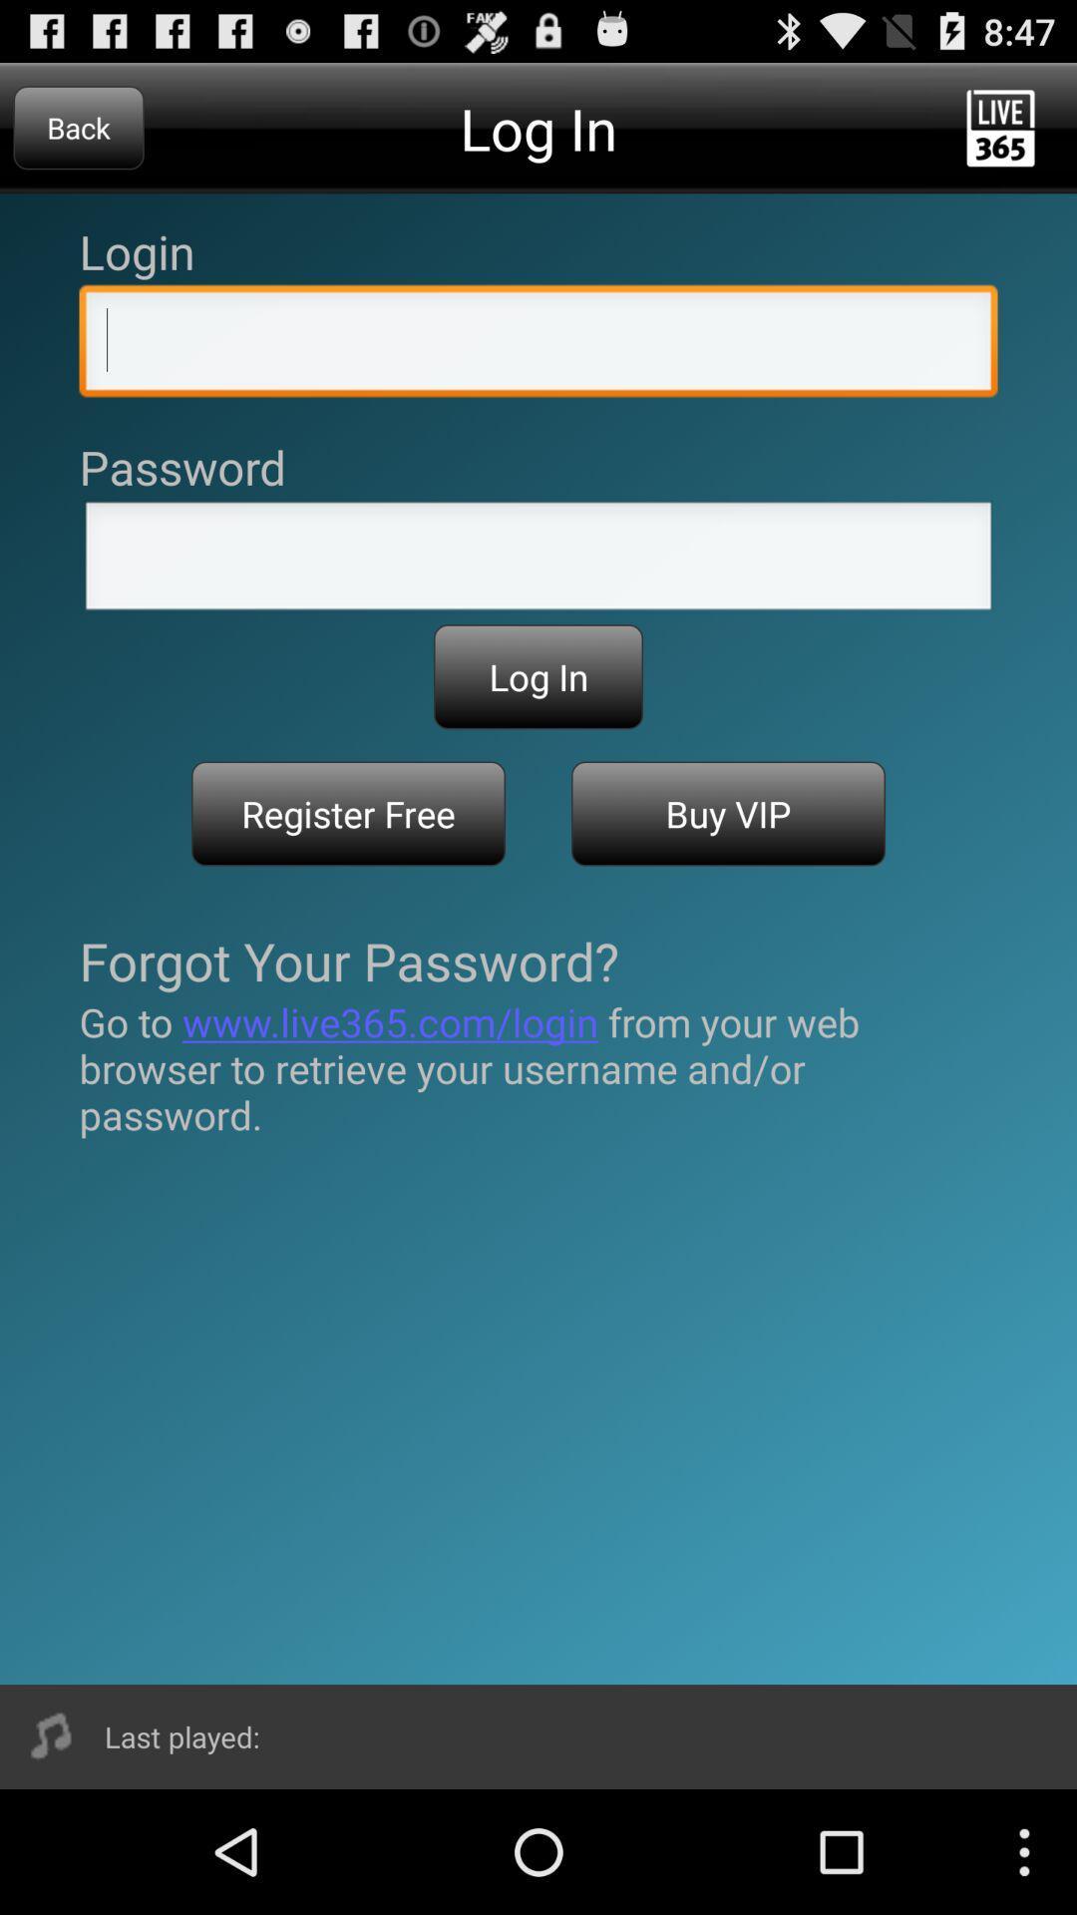 The width and height of the screenshot is (1077, 1915). I want to click on icon at the top left corner, so click(78, 127).